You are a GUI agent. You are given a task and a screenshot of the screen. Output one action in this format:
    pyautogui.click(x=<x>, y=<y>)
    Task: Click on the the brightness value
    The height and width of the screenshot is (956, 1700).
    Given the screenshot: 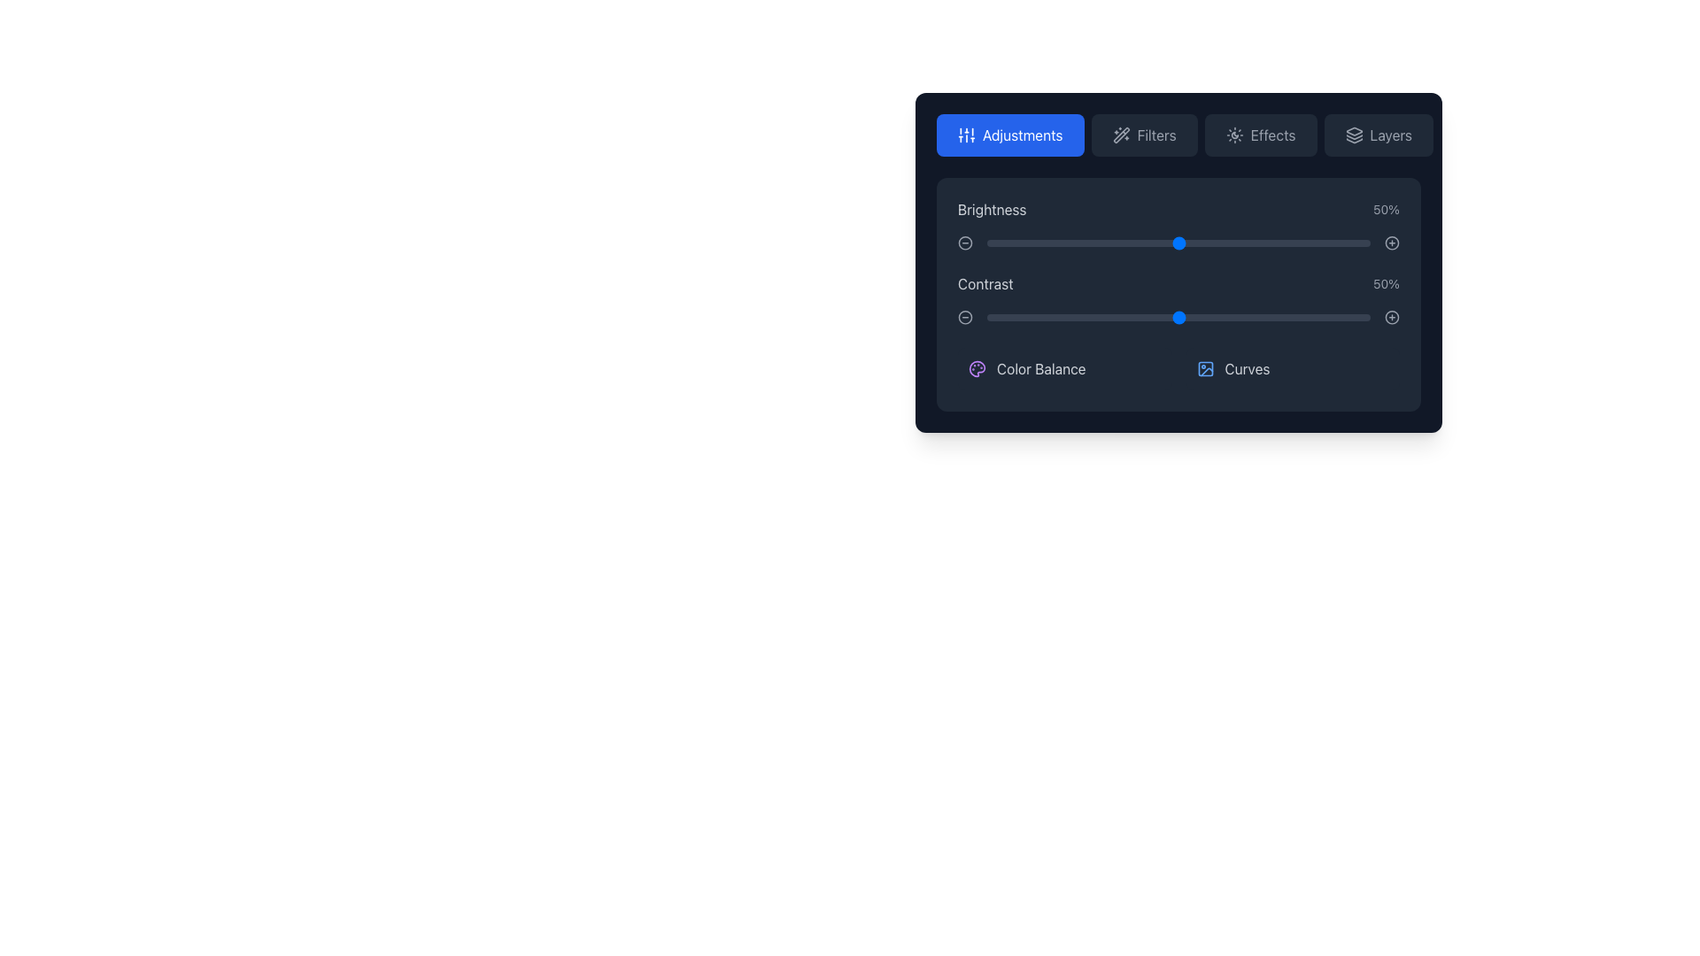 What is the action you would take?
    pyautogui.click(x=1033, y=243)
    